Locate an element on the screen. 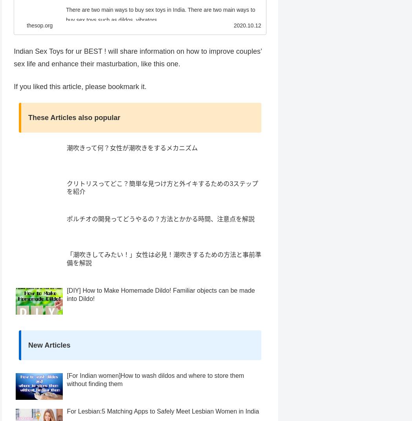  'These Articles also popular' is located at coordinates (74, 131).